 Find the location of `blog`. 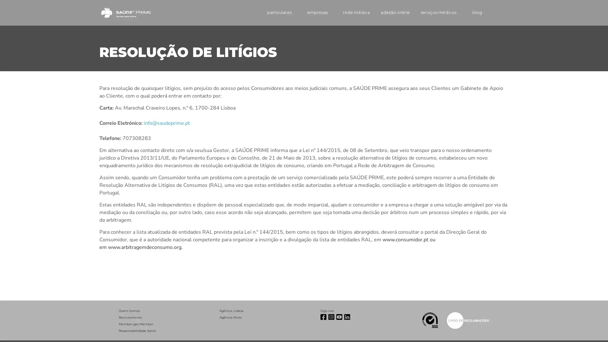

blog is located at coordinates (472, 12).